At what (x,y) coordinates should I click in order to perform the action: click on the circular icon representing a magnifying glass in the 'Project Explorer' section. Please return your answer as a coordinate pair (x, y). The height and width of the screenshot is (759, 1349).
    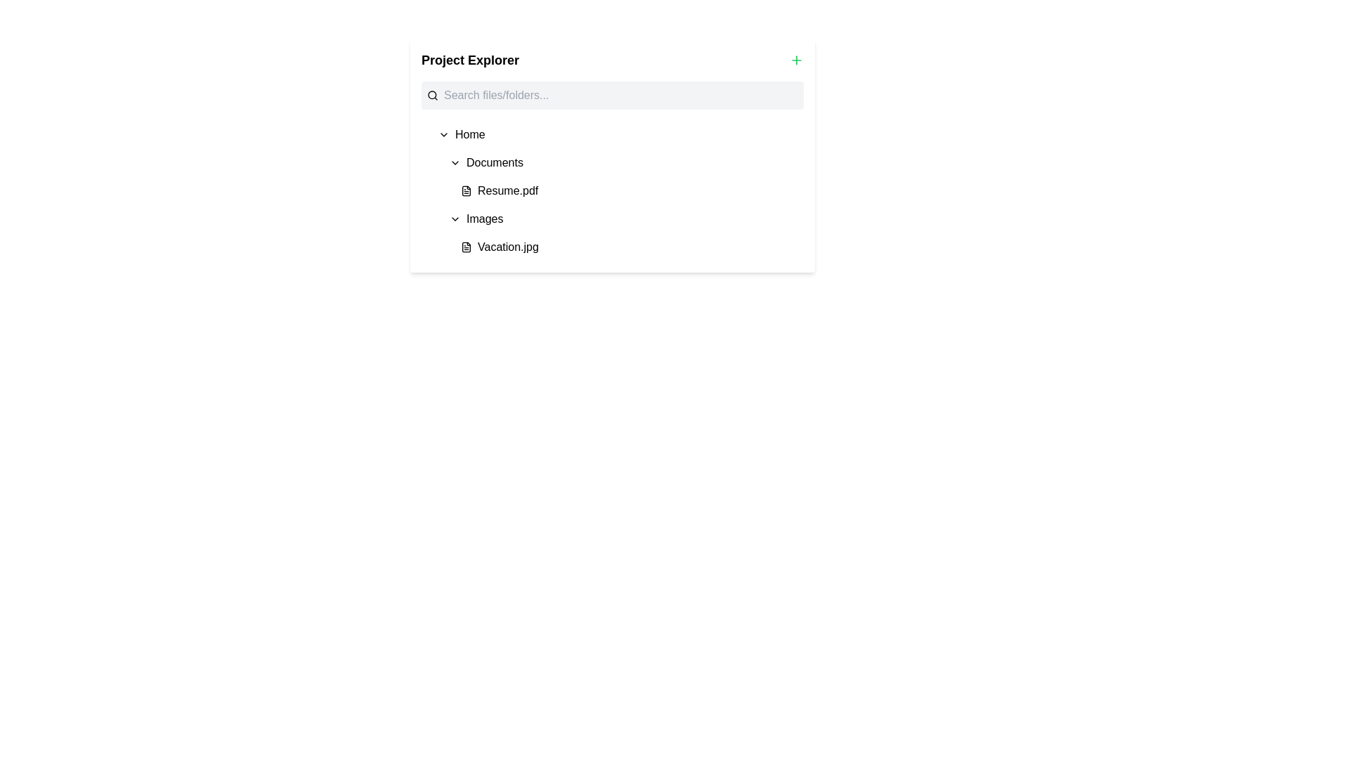
    Looking at the image, I should click on (431, 95).